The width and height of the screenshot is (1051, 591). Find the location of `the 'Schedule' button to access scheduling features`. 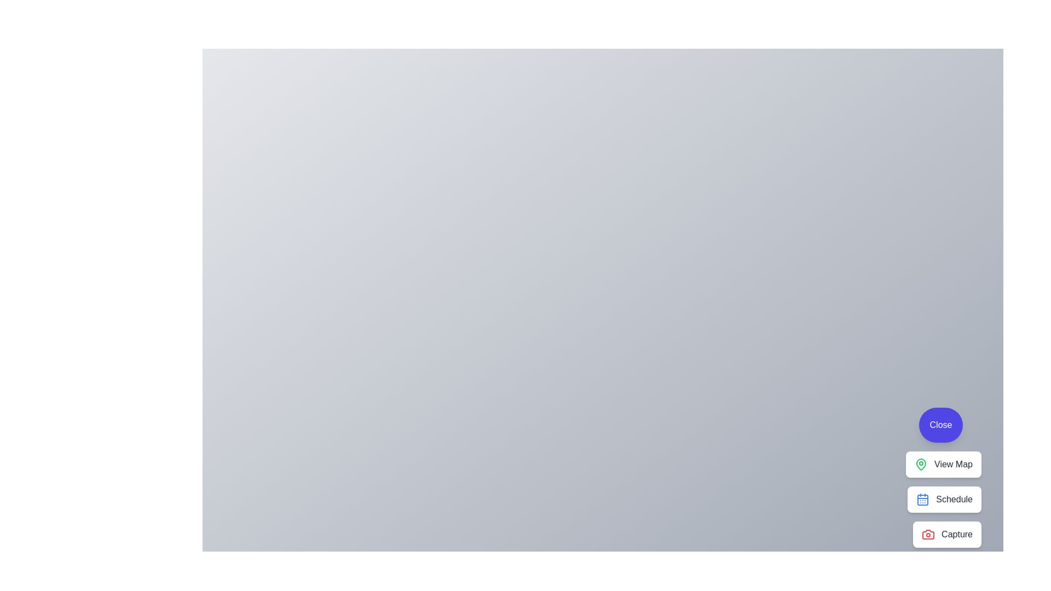

the 'Schedule' button to access scheduling features is located at coordinates (943, 500).